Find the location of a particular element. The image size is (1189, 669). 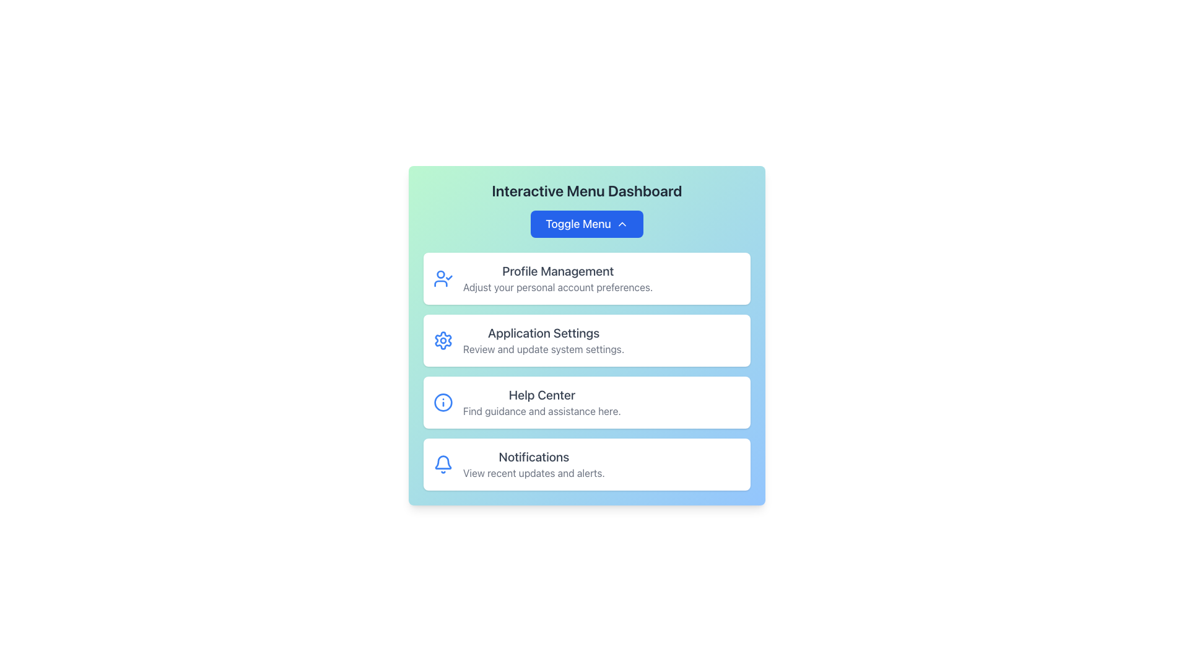

the text label that reads 'Adjust your personal account preferences.' located below the 'Profile Management' title is located at coordinates (557, 287).